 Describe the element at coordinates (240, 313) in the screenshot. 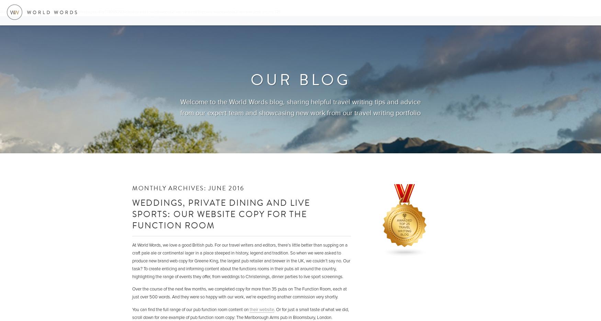

I see `'. Or for just a small taste of what we did, scroll down for one example of pub function room copy: The Marlborough Arms pub in Bloomsbury, London.'` at that location.